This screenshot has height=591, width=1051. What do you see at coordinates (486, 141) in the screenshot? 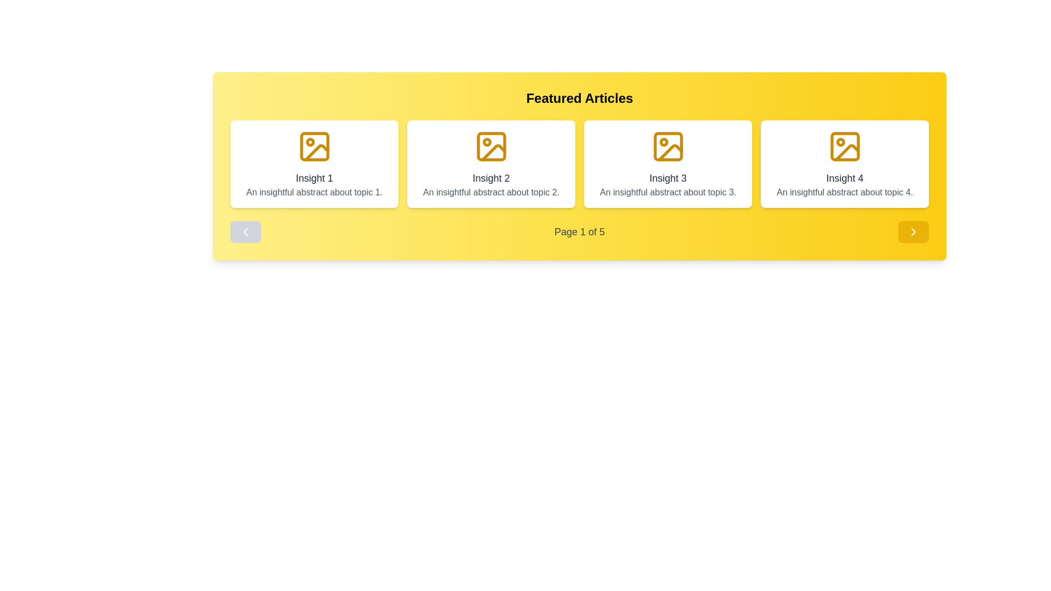
I see `the small circular dot that is part of the second icon in the horizontal list of four icons within the yellow-highlighted area labeled 'Featured Articles'` at bounding box center [486, 141].